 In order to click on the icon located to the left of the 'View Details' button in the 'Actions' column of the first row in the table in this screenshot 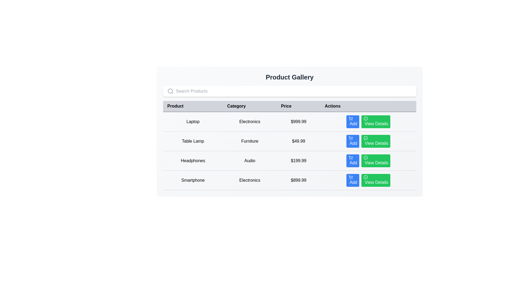, I will do `click(365, 118)`.